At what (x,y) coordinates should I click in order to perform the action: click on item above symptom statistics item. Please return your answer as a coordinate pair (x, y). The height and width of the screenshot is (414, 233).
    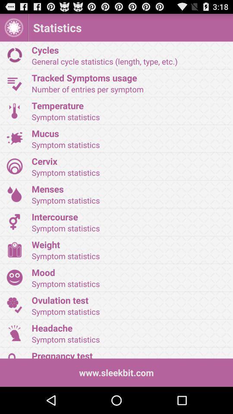
    Looking at the image, I should click on (129, 160).